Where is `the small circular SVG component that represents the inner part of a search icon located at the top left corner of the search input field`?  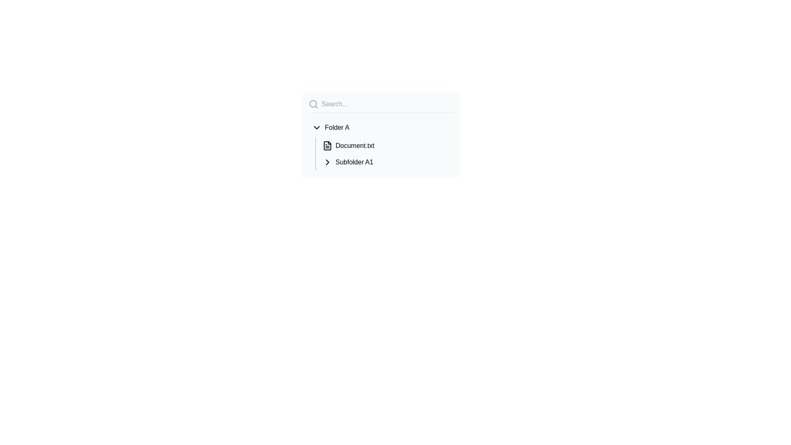 the small circular SVG component that represents the inner part of a search icon located at the top left corner of the search input field is located at coordinates (312, 103).